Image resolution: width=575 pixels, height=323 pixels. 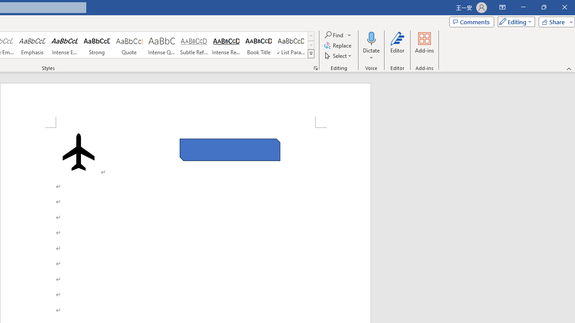 I want to click on 'Book Title', so click(x=258, y=45).